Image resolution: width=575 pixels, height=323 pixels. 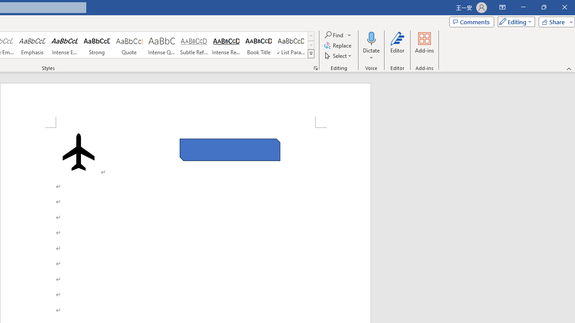 I want to click on 'Book Title', so click(x=258, y=45).